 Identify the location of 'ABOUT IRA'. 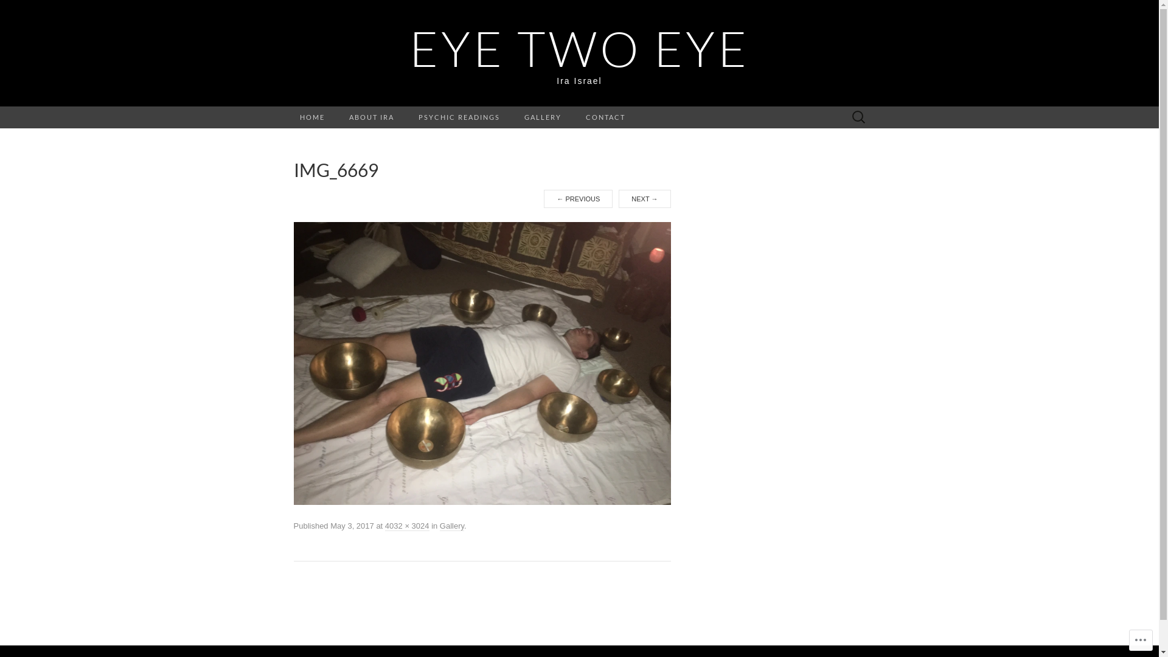
(370, 117).